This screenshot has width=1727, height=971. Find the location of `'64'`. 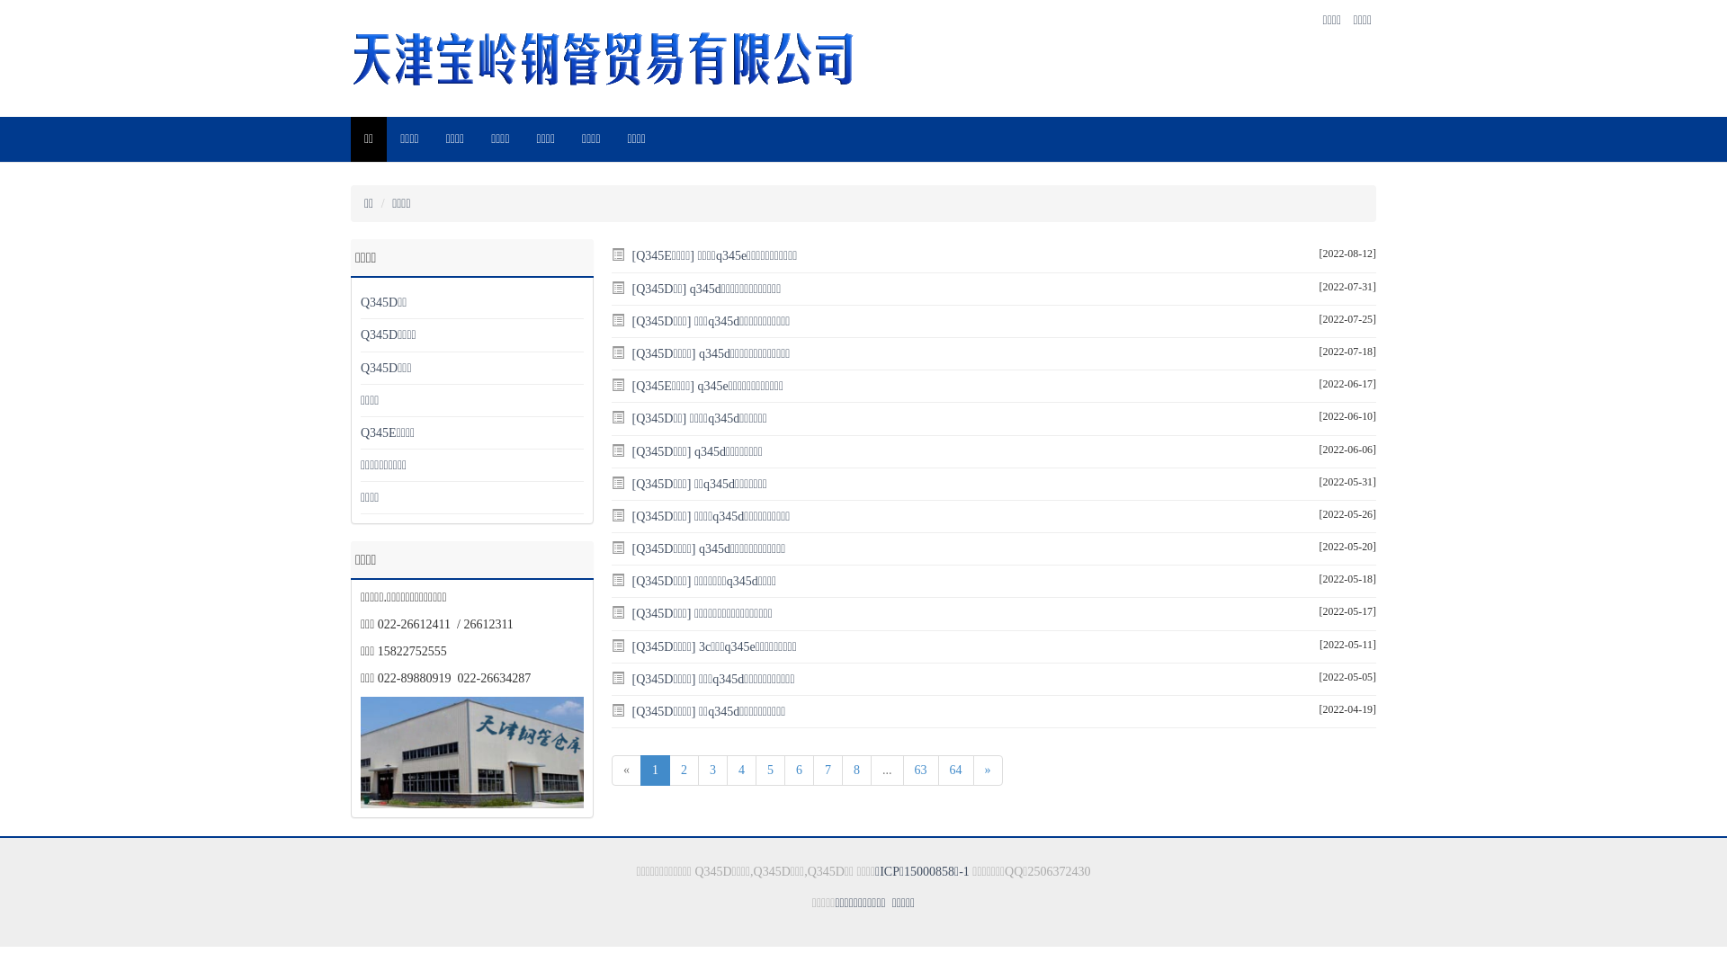

'64' is located at coordinates (953, 769).